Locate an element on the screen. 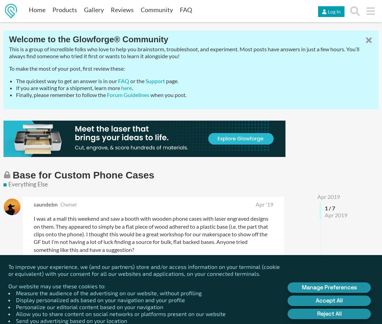 This screenshot has height=324, width=382. 'Finally, please remember to  follow the' is located at coordinates (61, 94).